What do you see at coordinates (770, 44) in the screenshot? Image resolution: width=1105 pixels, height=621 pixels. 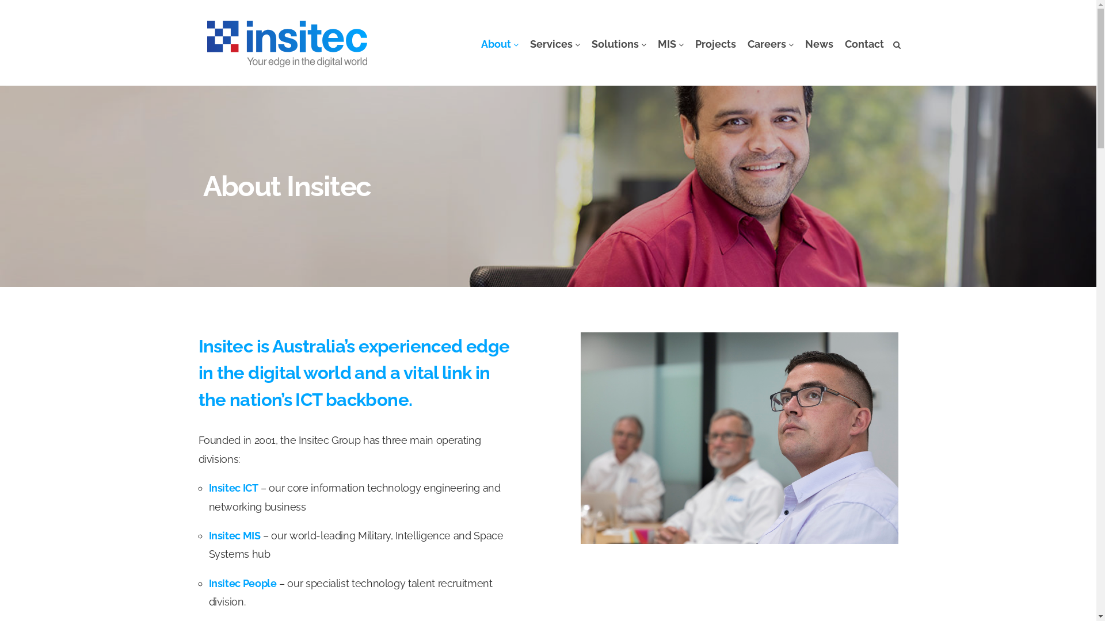 I see `'Careers'` at bounding box center [770, 44].